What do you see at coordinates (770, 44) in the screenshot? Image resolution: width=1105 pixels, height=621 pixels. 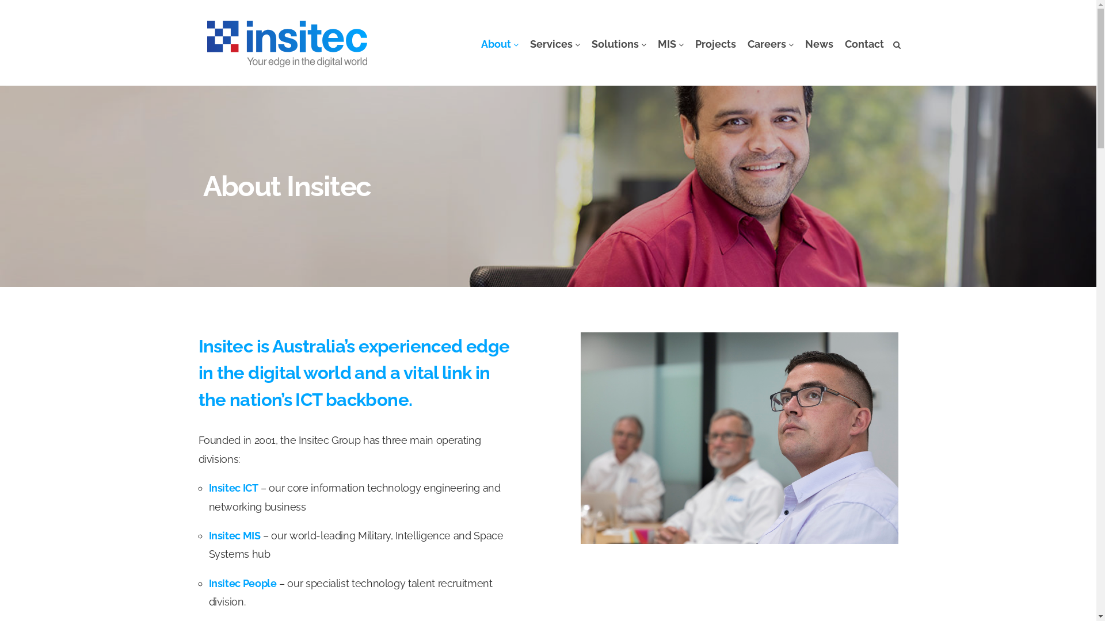 I see `'Careers'` at bounding box center [770, 44].